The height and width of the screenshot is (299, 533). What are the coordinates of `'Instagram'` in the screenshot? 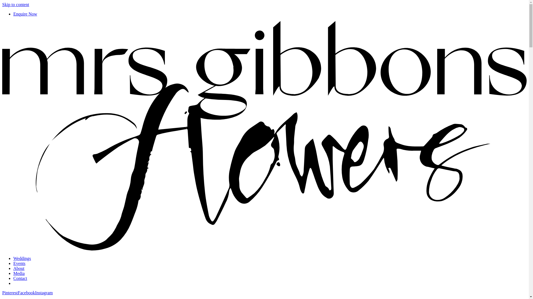 It's located at (44, 292).